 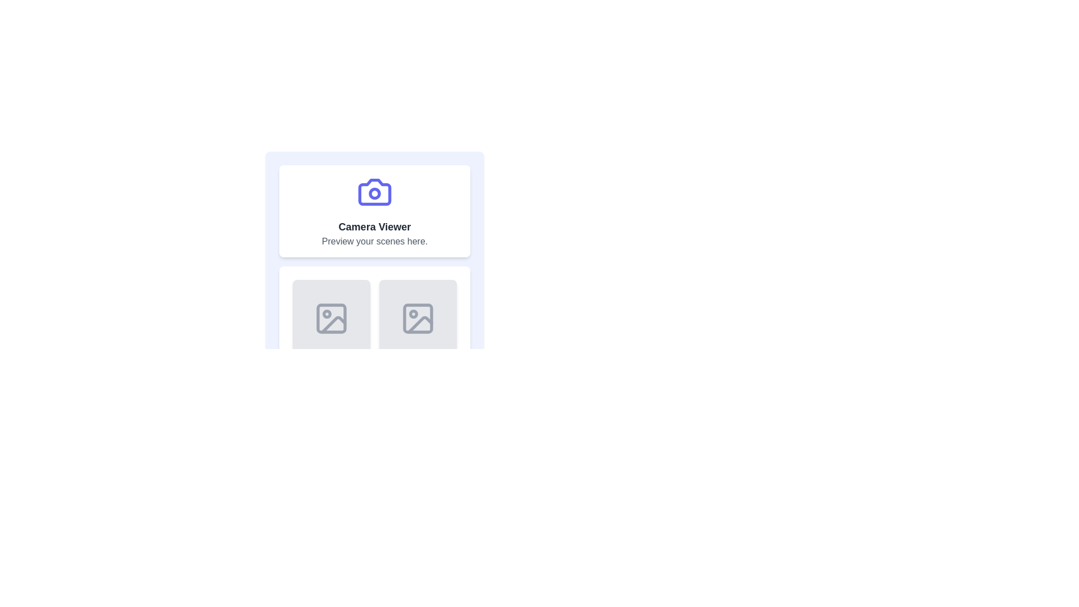 What do you see at coordinates (418, 319) in the screenshot?
I see `the interactive Placeholder box located in the second column of the 'Camera Viewer' card` at bounding box center [418, 319].